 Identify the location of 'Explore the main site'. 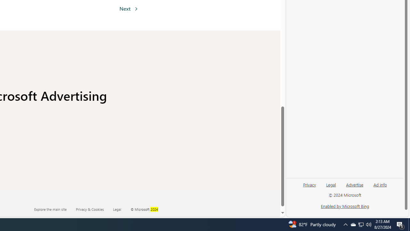
(50, 209).